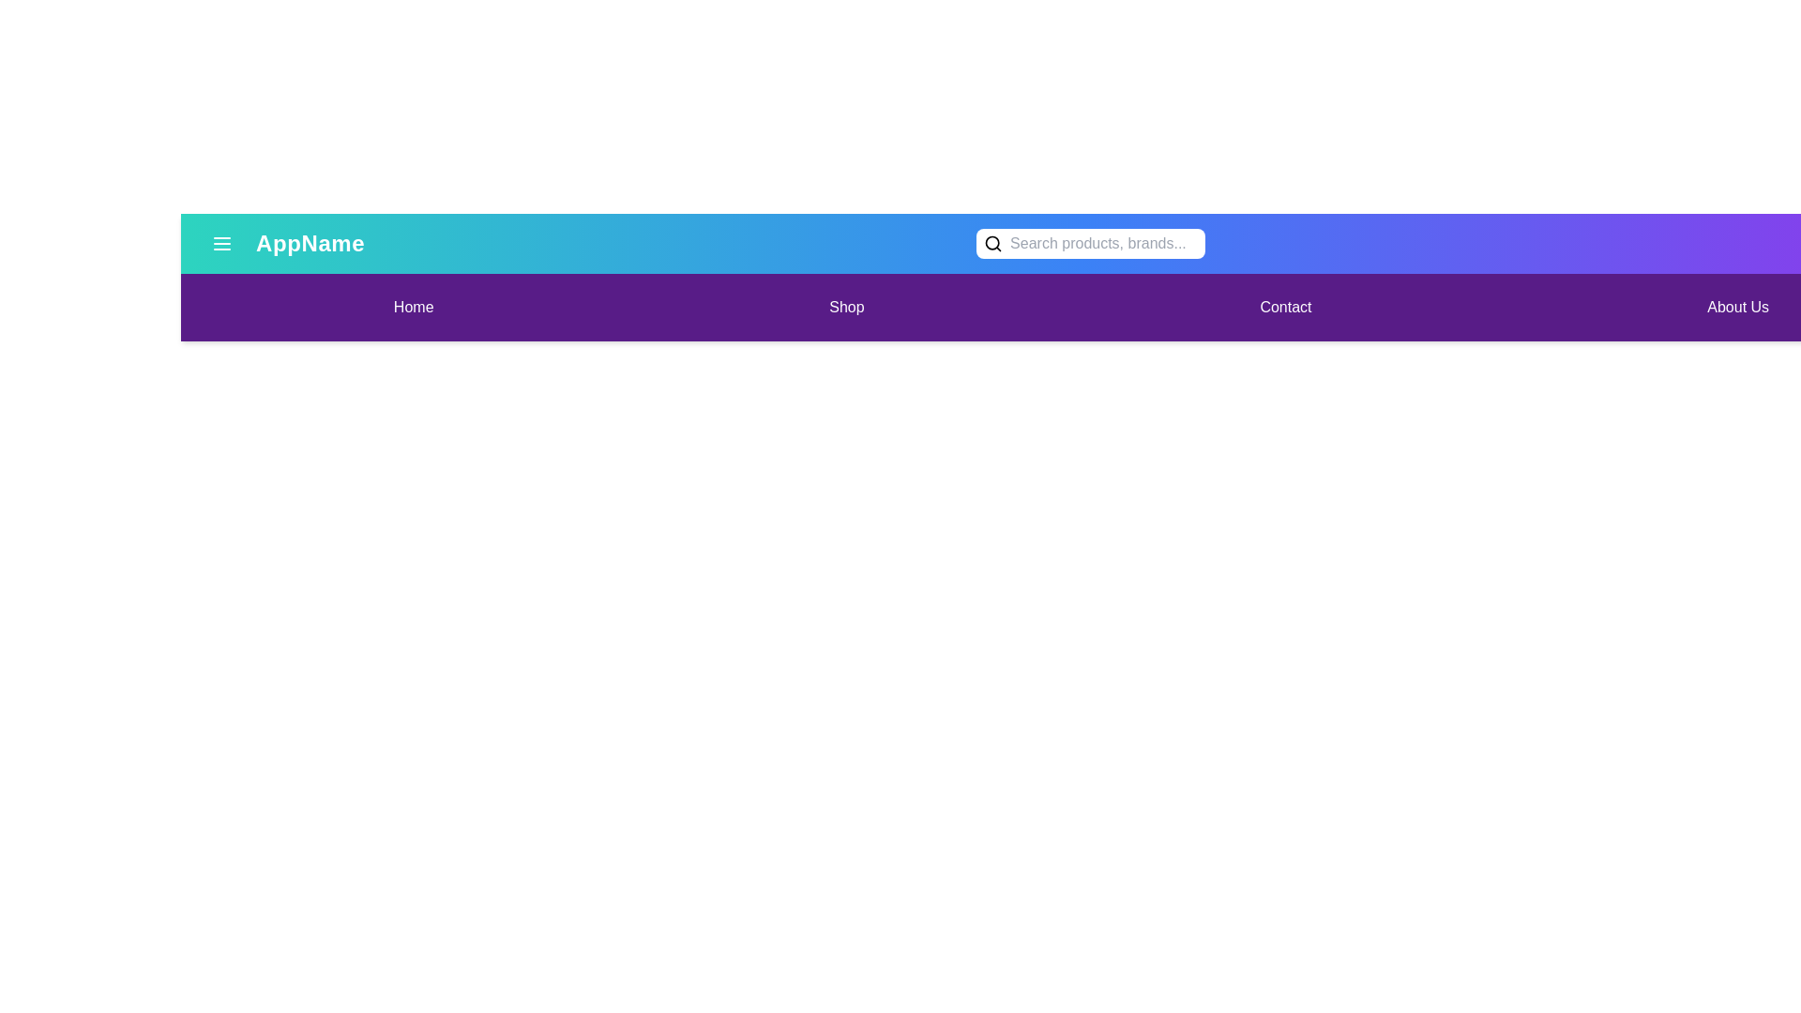 This screenshot has height=1013, width=1801. I want to click on the 'Shop' button, which is a rectangular button with white text on a purple background, to observe the color change due to the hover effect, so click(845, 306).